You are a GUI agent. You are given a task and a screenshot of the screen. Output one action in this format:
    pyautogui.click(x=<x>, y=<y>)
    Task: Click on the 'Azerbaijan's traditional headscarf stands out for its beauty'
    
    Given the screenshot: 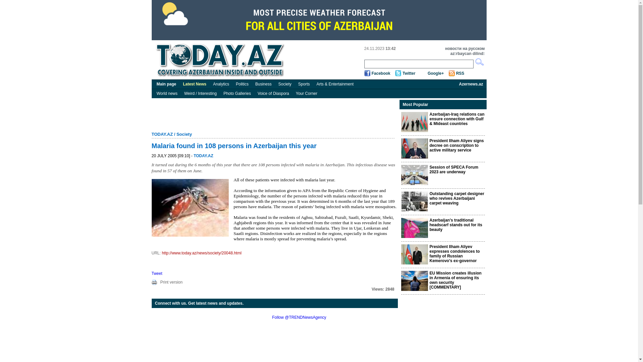 What is the action you would take?
    pyautogui.click(x=455, y=225)
    